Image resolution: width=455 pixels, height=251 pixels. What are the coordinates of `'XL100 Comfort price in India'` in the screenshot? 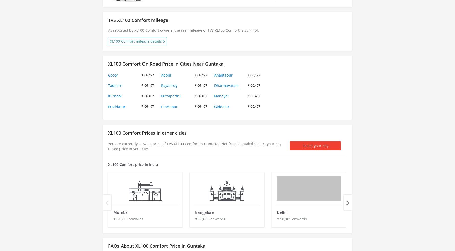 It's located at (133, 164).